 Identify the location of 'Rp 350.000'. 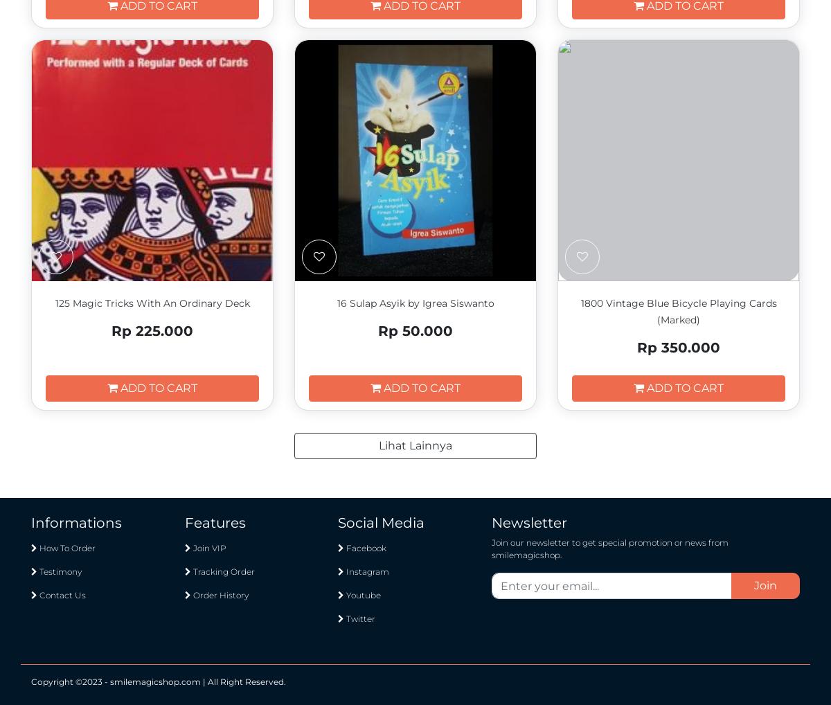
(679, 347).